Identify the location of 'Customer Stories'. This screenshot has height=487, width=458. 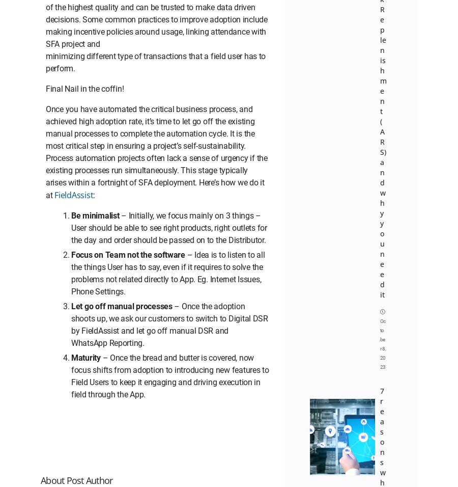
(323, 6).